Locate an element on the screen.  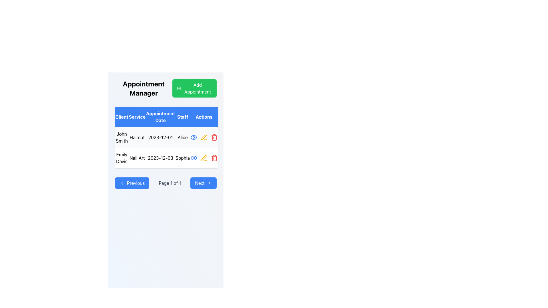
the small vector-based chevron icon pointing left, which is located within the blue rectangular button labeled 'Previous' in the bottom-left section of the interface is located at coordinates (122, 183).